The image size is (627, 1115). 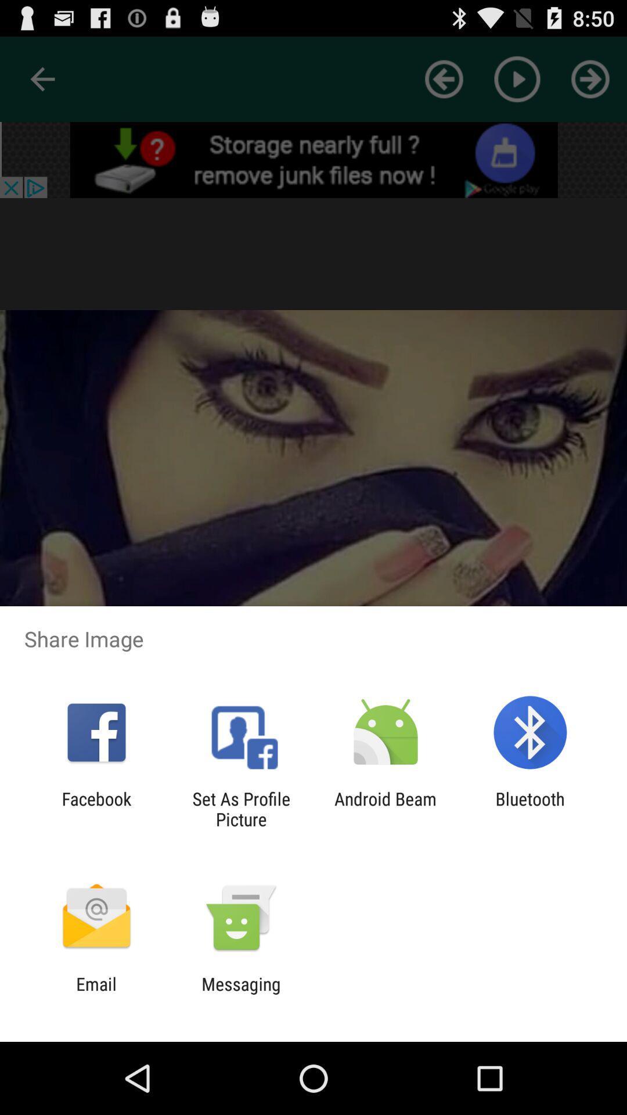 I want to click on icon next to set as profile icon, so click(x=385, y=808).